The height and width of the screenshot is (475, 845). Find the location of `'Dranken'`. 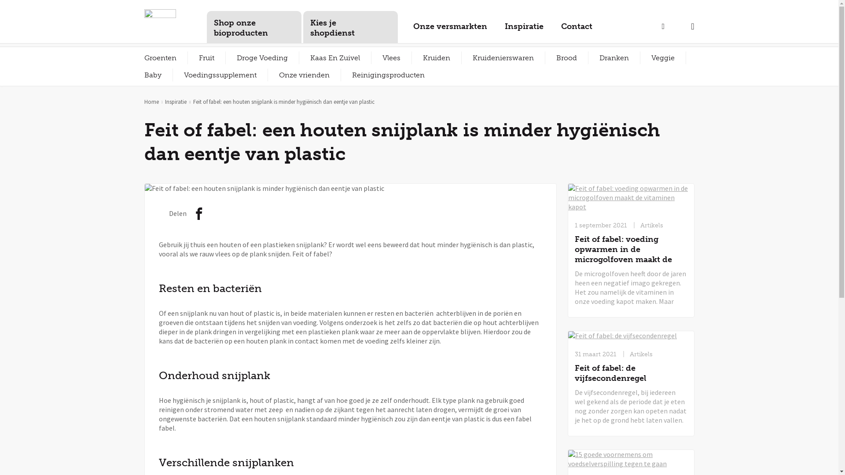

'Dranken' is located at coordinates (588, 58).